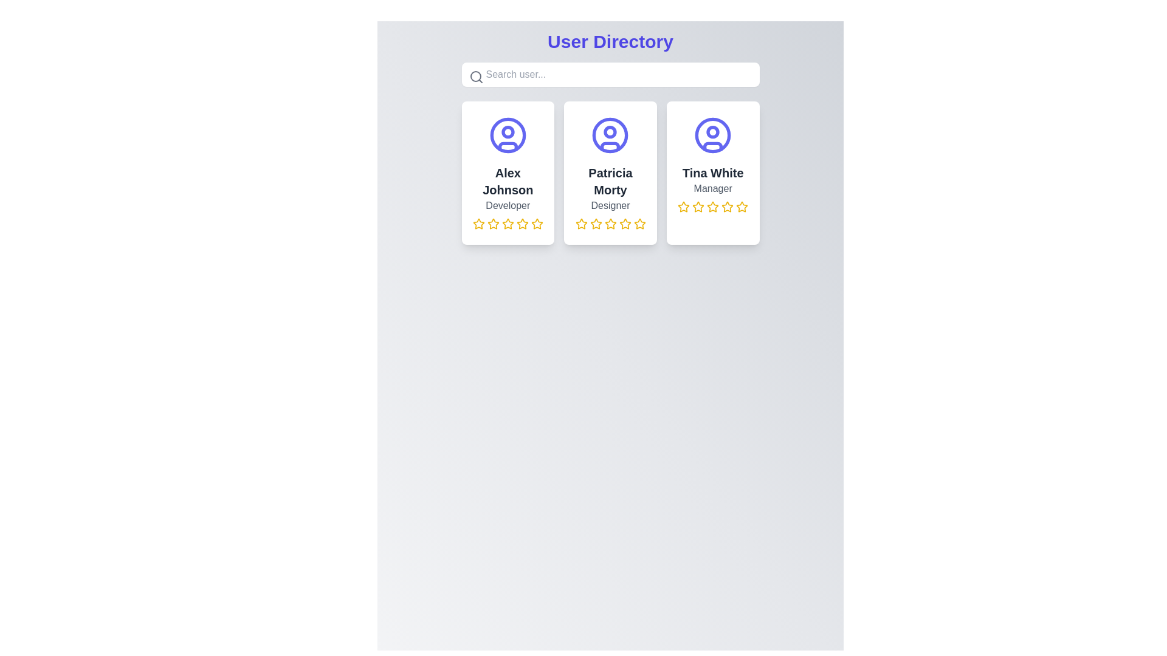 This screenshot has width=1167, height=656. Describe the element at coordinates (508, 135) in the screenshot. I see `the decorative graphic, which is the outermost circular outline of the avatar for 'Alex Johnson' in the top row of the user directory grid` at that location.